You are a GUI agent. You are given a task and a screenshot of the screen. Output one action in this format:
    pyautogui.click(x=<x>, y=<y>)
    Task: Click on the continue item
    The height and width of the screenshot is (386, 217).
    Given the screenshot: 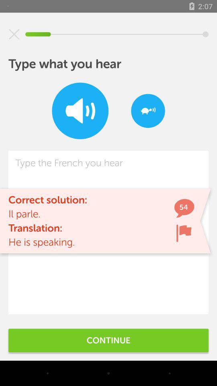 What is the action you would take?
    pyautogui.click(x=108, y=340)
    